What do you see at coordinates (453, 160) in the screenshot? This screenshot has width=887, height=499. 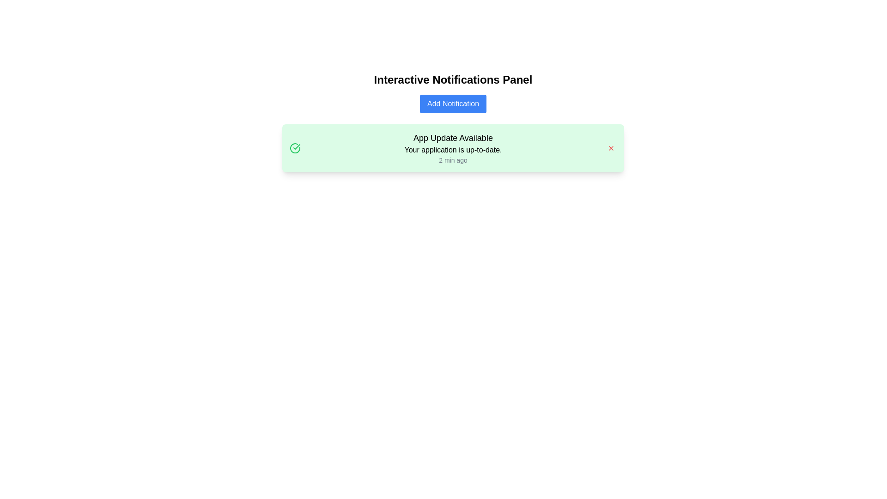 I see `the Text Label that displays the timestamp of the notification, located at the bottom of the notification card` at bounding box center [453, 160].